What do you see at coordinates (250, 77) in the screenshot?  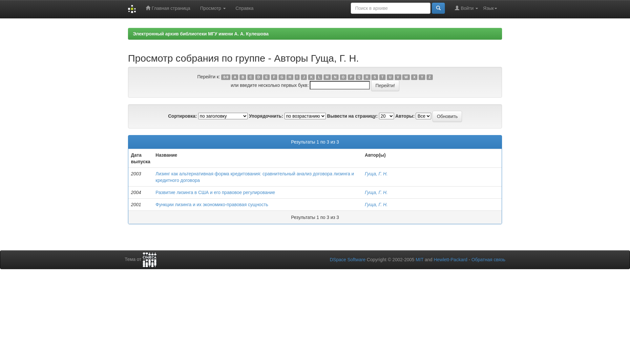 I see `'C'` at bounding box center [250, 77].